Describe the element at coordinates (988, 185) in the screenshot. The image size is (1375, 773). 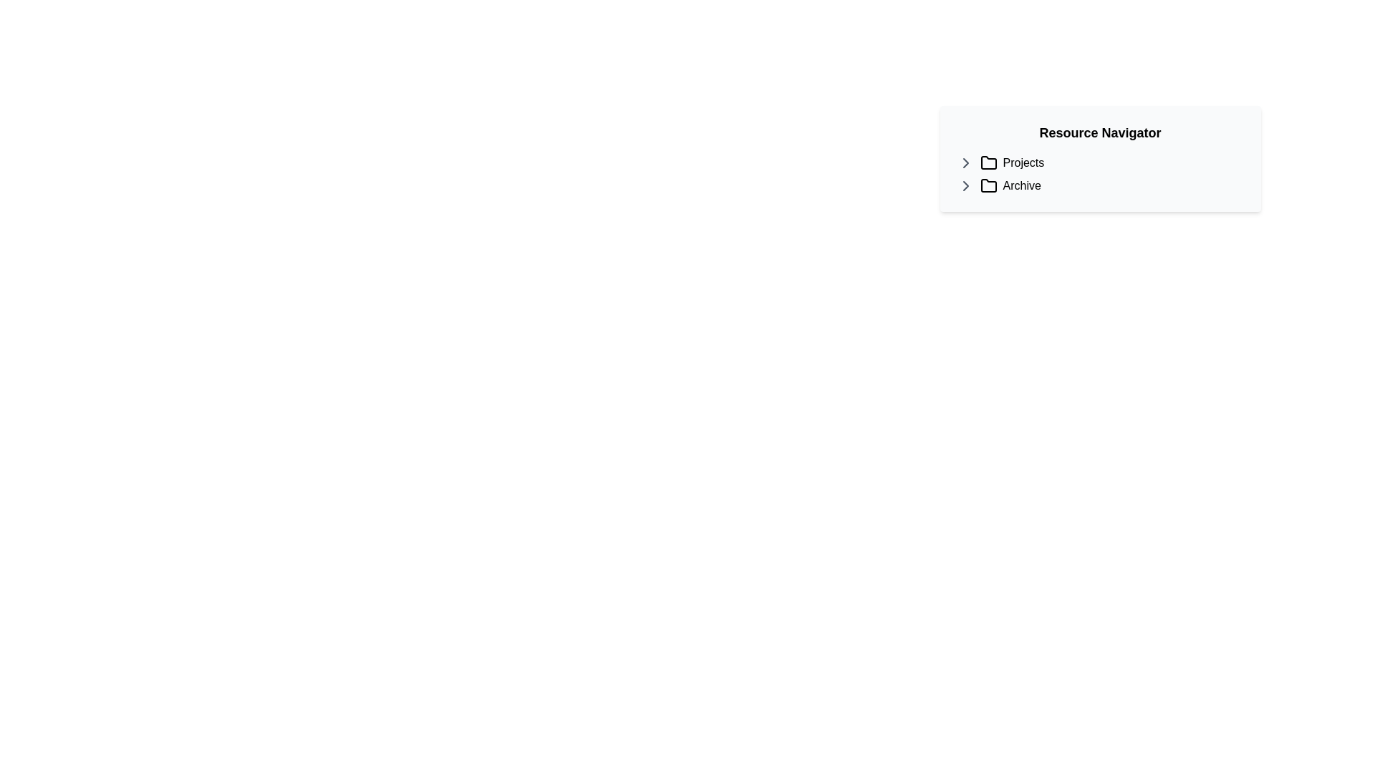
I see `the folder icon representing the 'Archive' option in the 'Resource Navigator'` at that location.